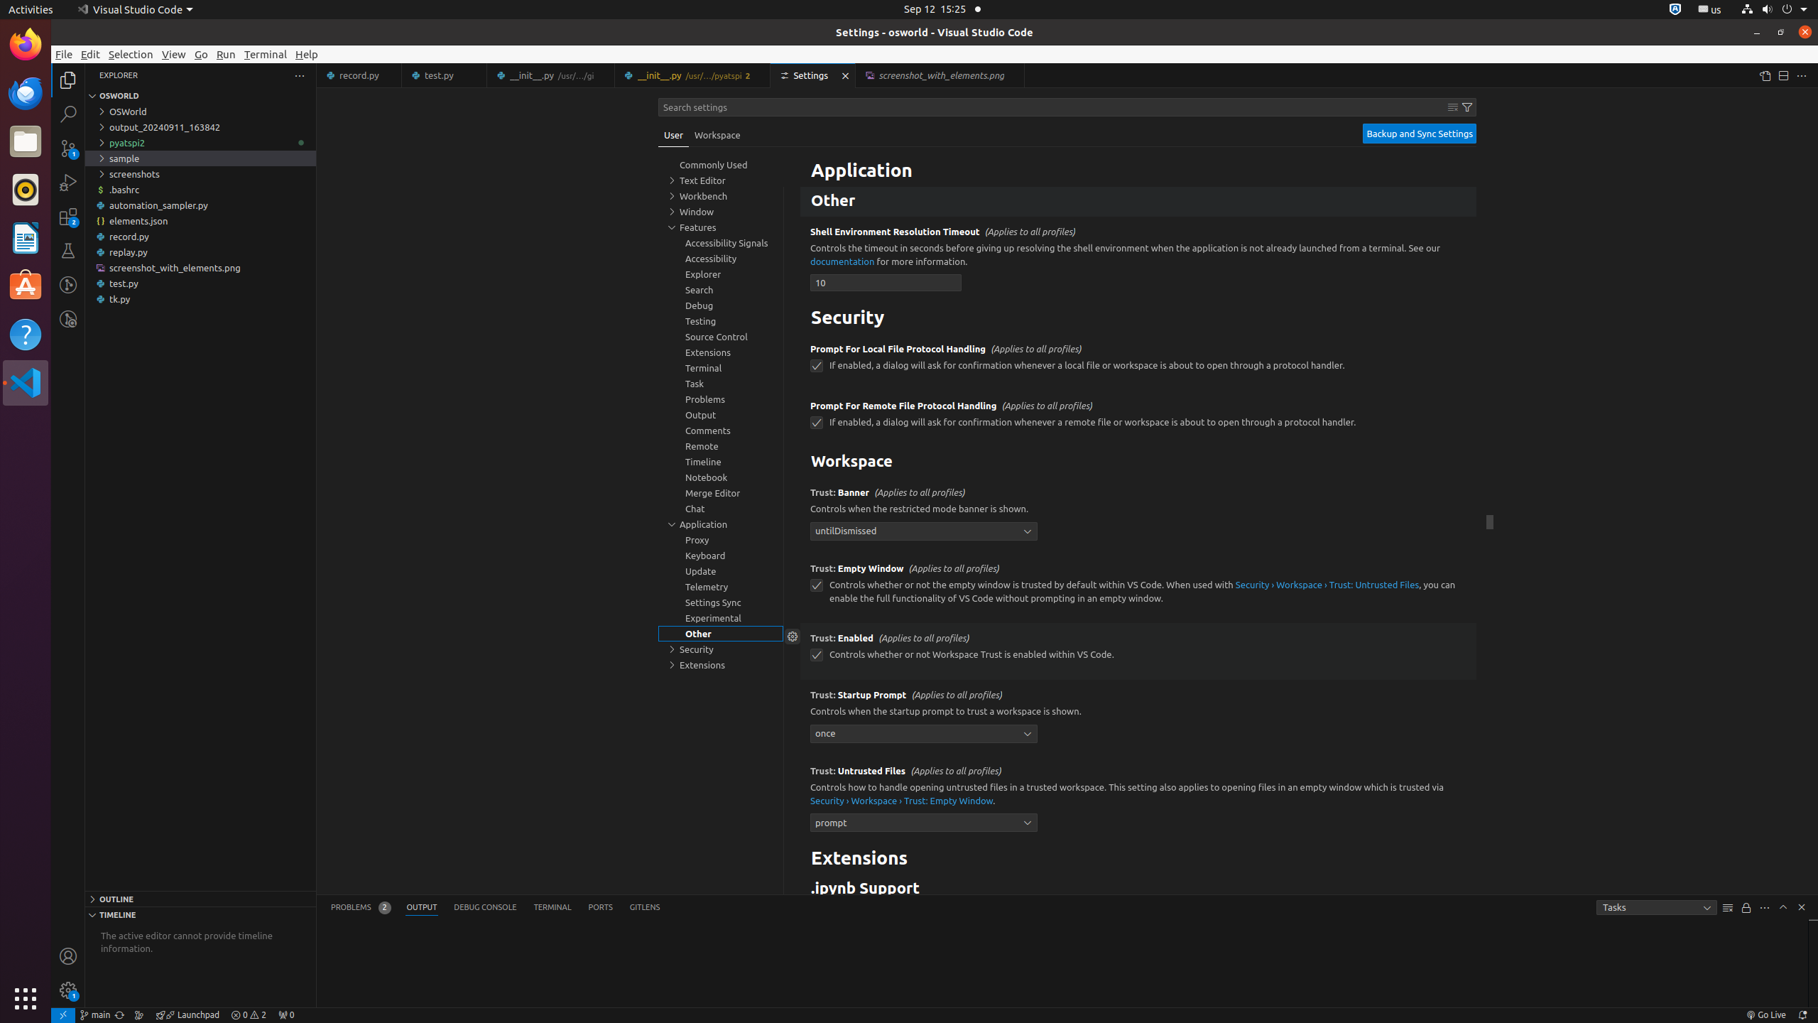  What do you see at coordinates (94, 1014) in the screenshot?
I see `'OSWorld (Git) - main, Checkout Branch/Tag...'` at bounding box center [94, 1014].